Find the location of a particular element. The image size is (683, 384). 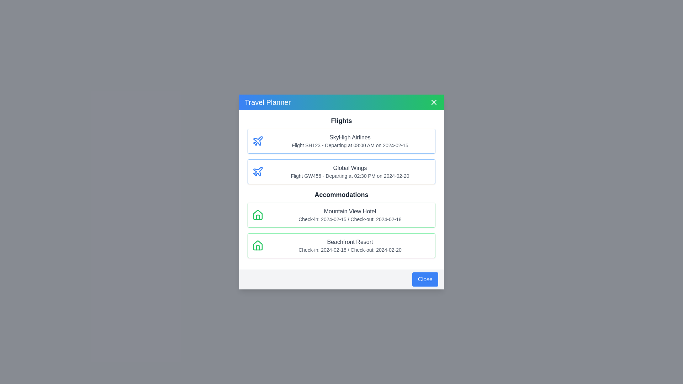

the header text element that reads 'Flights', which is styled in bold and dark gray, located at the top of the 'Flights' section is located at coordinates (341, 120).